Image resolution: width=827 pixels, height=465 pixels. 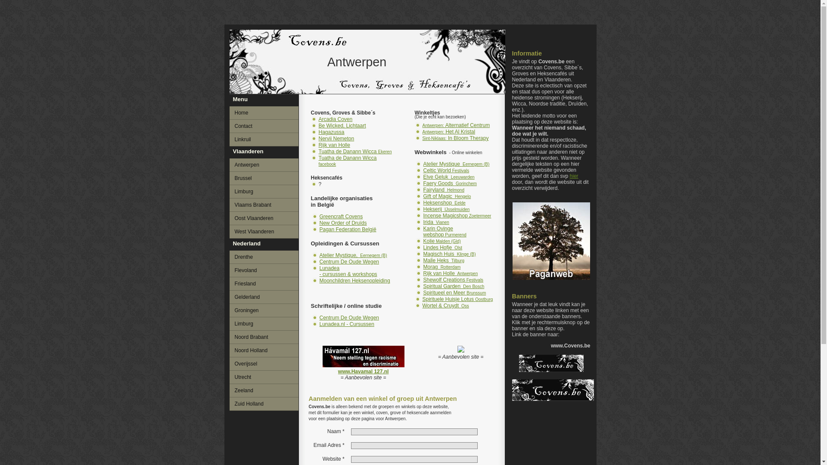 What do you see at coordinates (319, 280) in the screenshot?
I see `'Moonchildren Heksenopleiding'` at bounding box center [319, 280].